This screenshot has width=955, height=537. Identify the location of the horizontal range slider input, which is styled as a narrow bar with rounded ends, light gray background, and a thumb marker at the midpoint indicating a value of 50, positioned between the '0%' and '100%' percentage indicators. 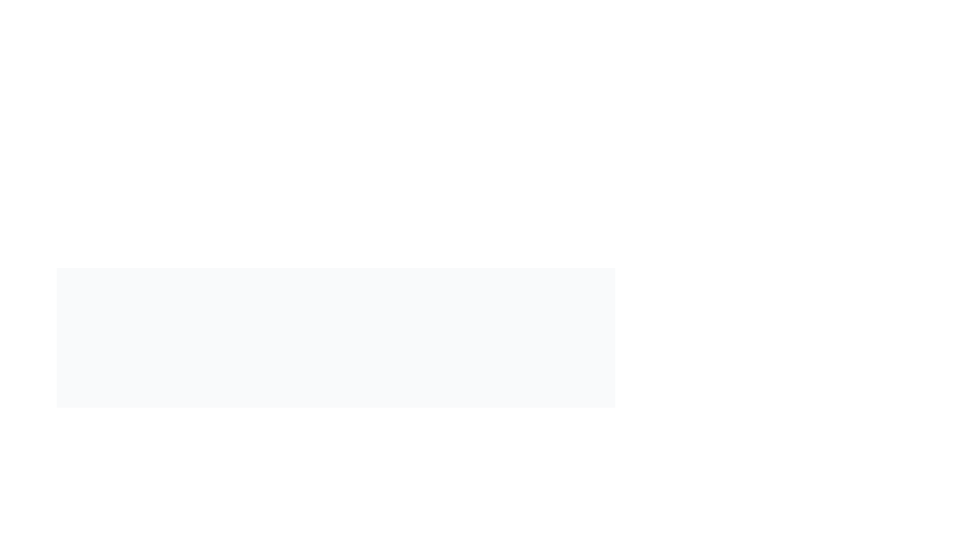
(336, 532).